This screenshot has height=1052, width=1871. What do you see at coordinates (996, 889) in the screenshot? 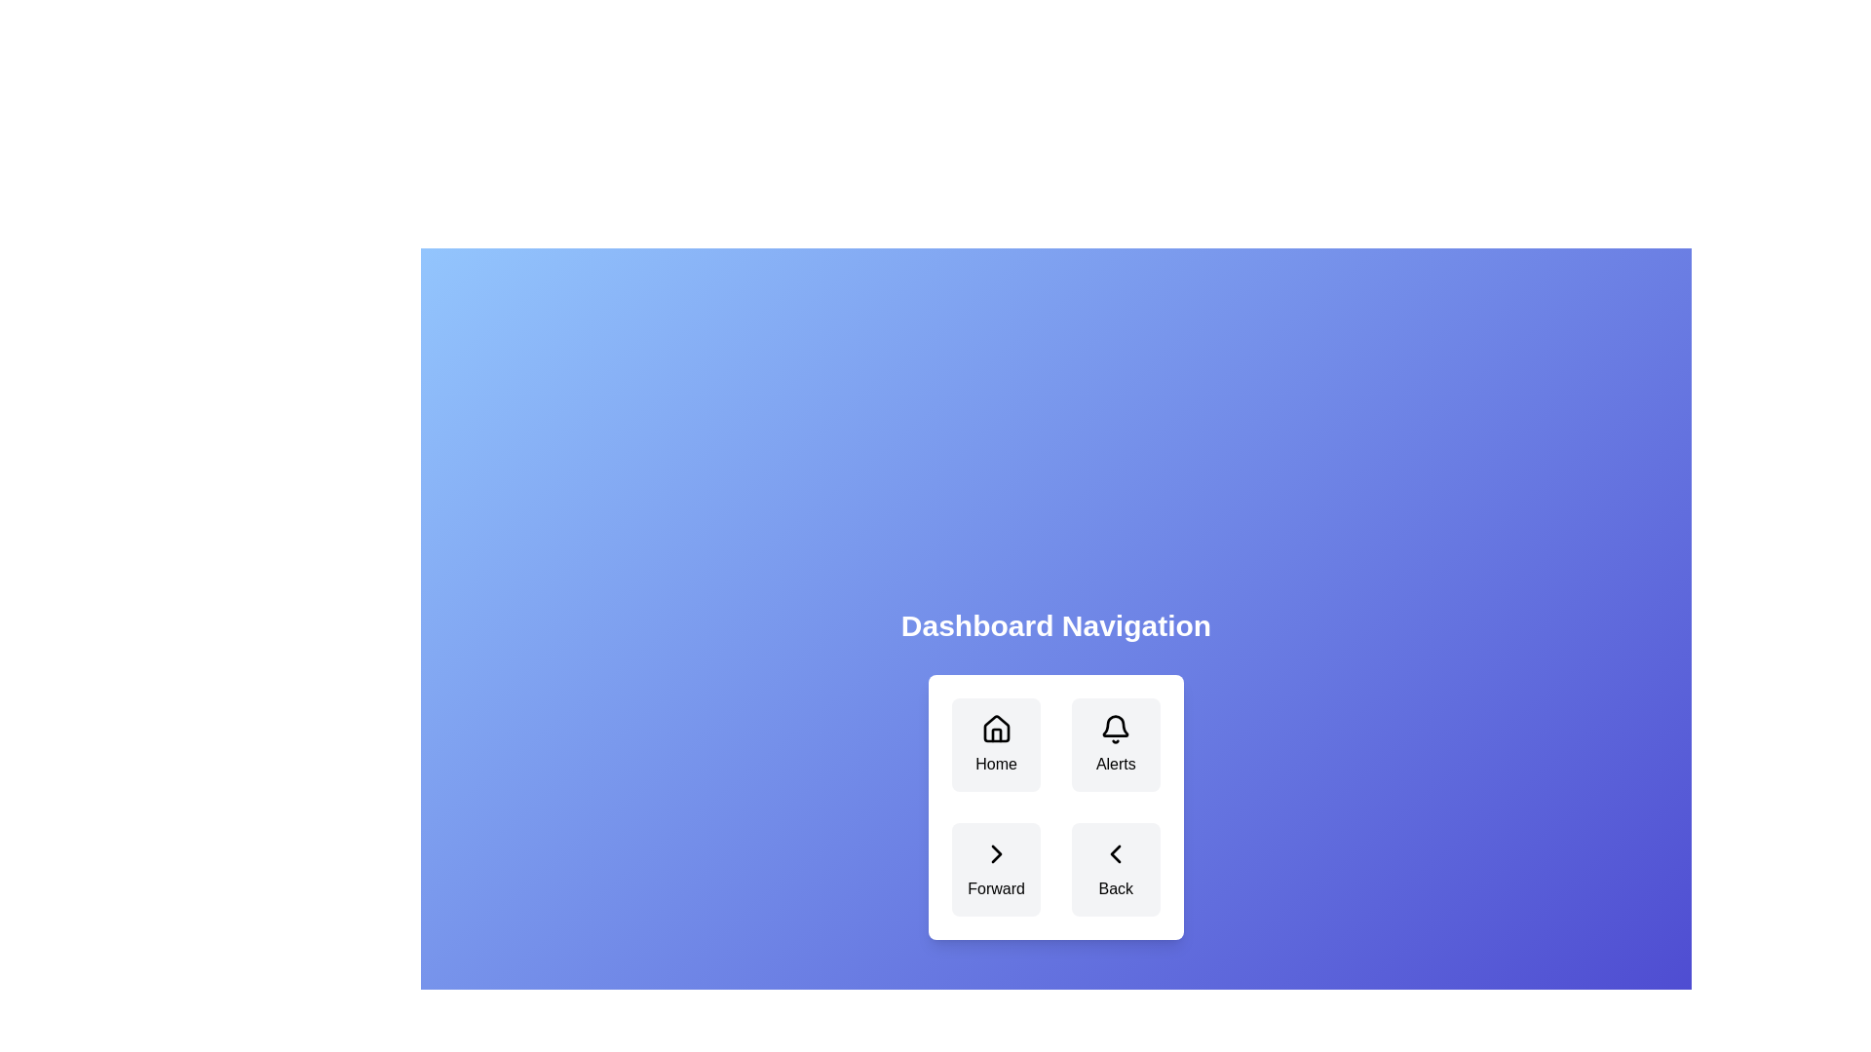
I see `text displayed as 'Forward' located in the bottom-left quadrant of the grid beneath the right-facing arrow icon` at bounding box center [996, 889].